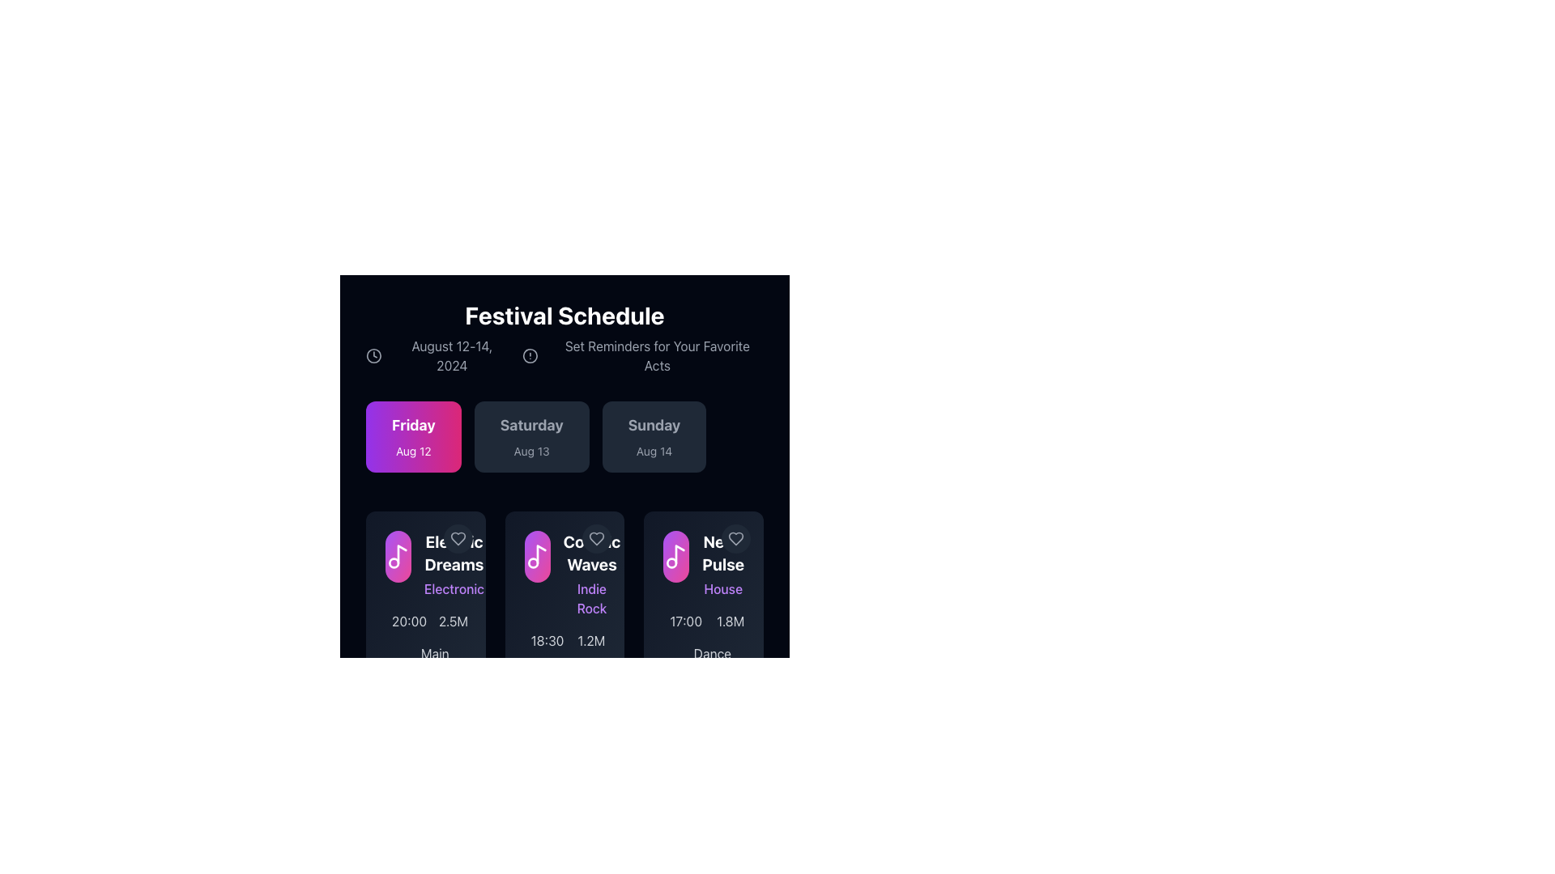  What do you see at coordinates (413, 437) in the screenshot?
I see `the button representing the schedule for Friday, August 12th, which is the first button in a group of three located under the 'Festival Schedule' title` at bounding box center [413, 437].